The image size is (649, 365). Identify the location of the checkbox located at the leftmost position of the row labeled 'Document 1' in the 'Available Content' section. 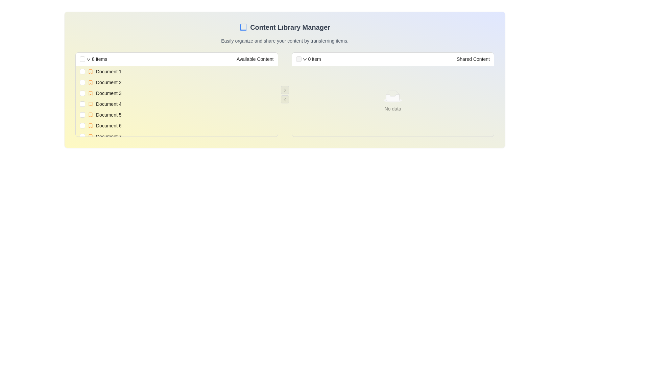
(82, 72).